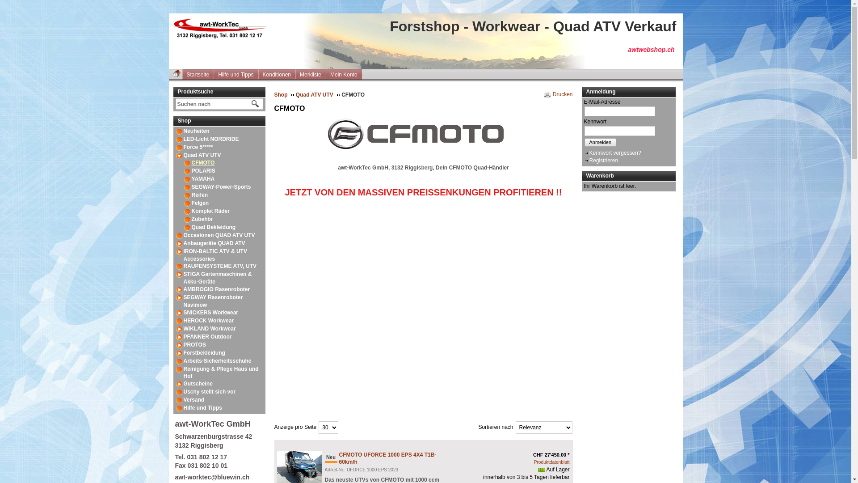  I want to click on 'SEGWAY Rasenroboter Navimow', so click(212, 301).